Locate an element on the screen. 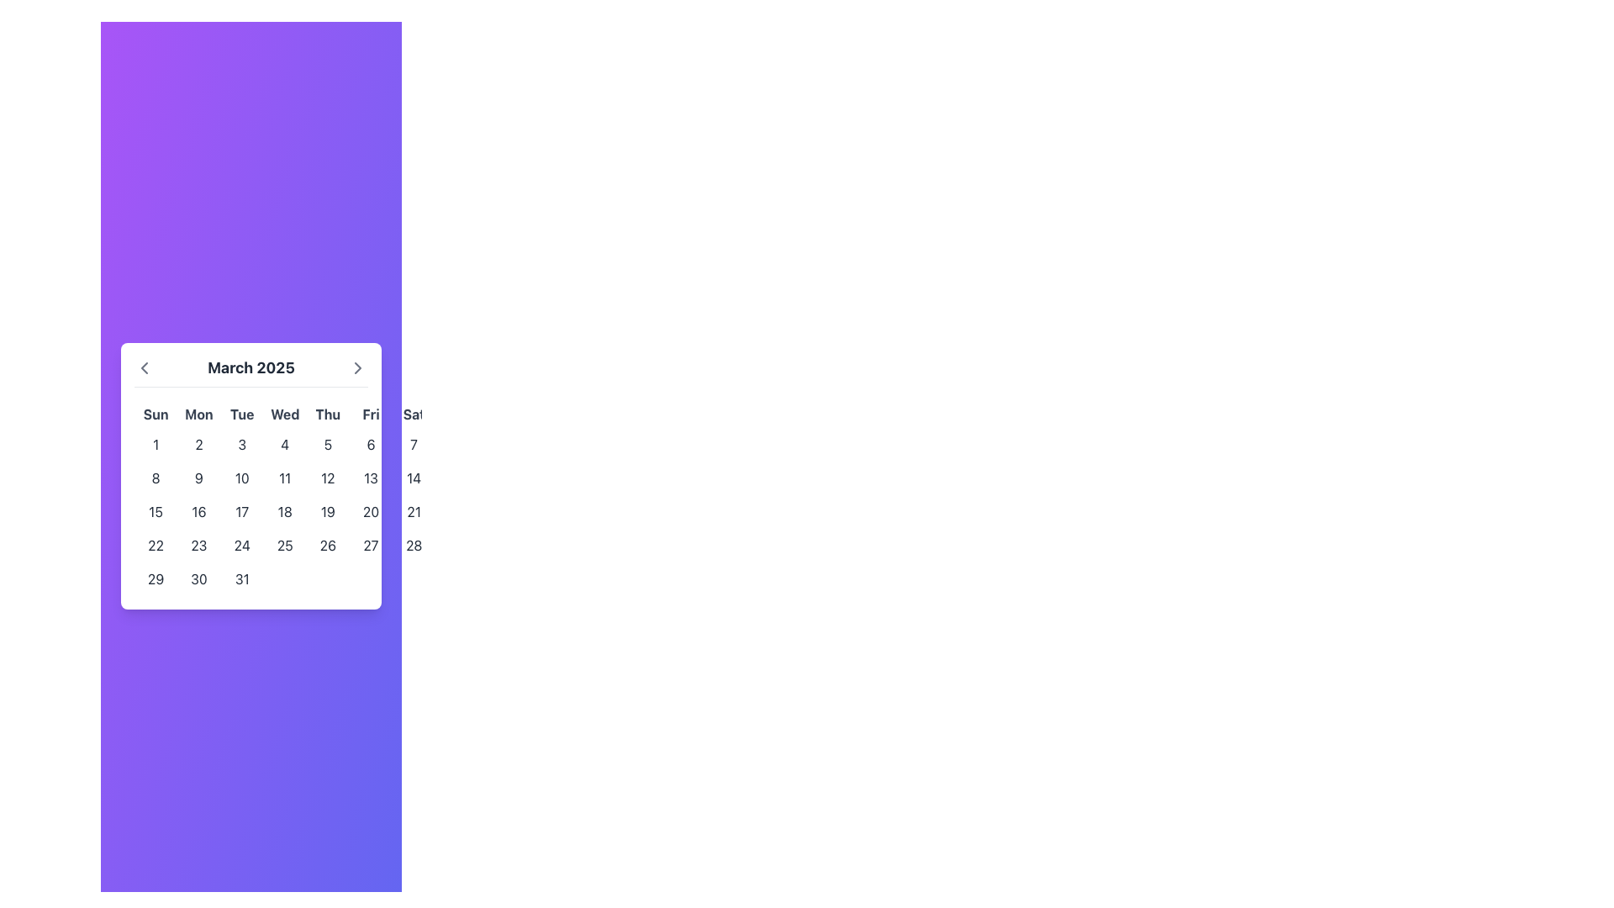 Image resolution: width=1614 pixels, height=908 pixels. the selectable day number '5' in the calendar interface is located at coordinates (328, 443).